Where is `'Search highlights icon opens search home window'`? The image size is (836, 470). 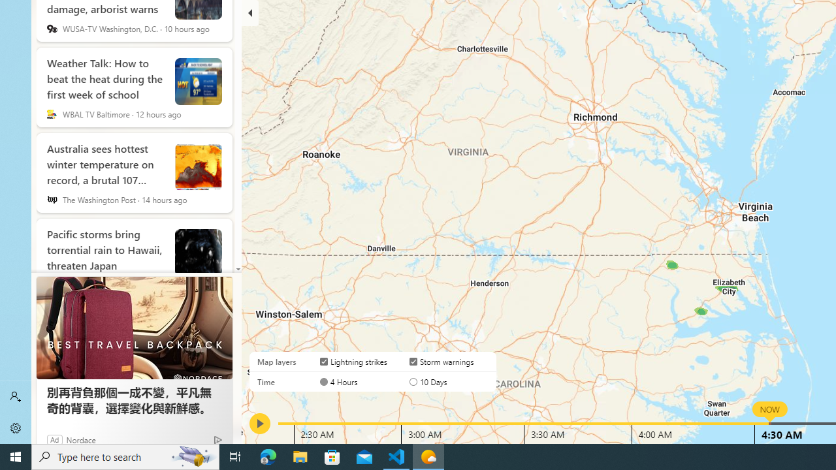 'Search highlights icon opens search home window' is located at coordinates (192, 456).